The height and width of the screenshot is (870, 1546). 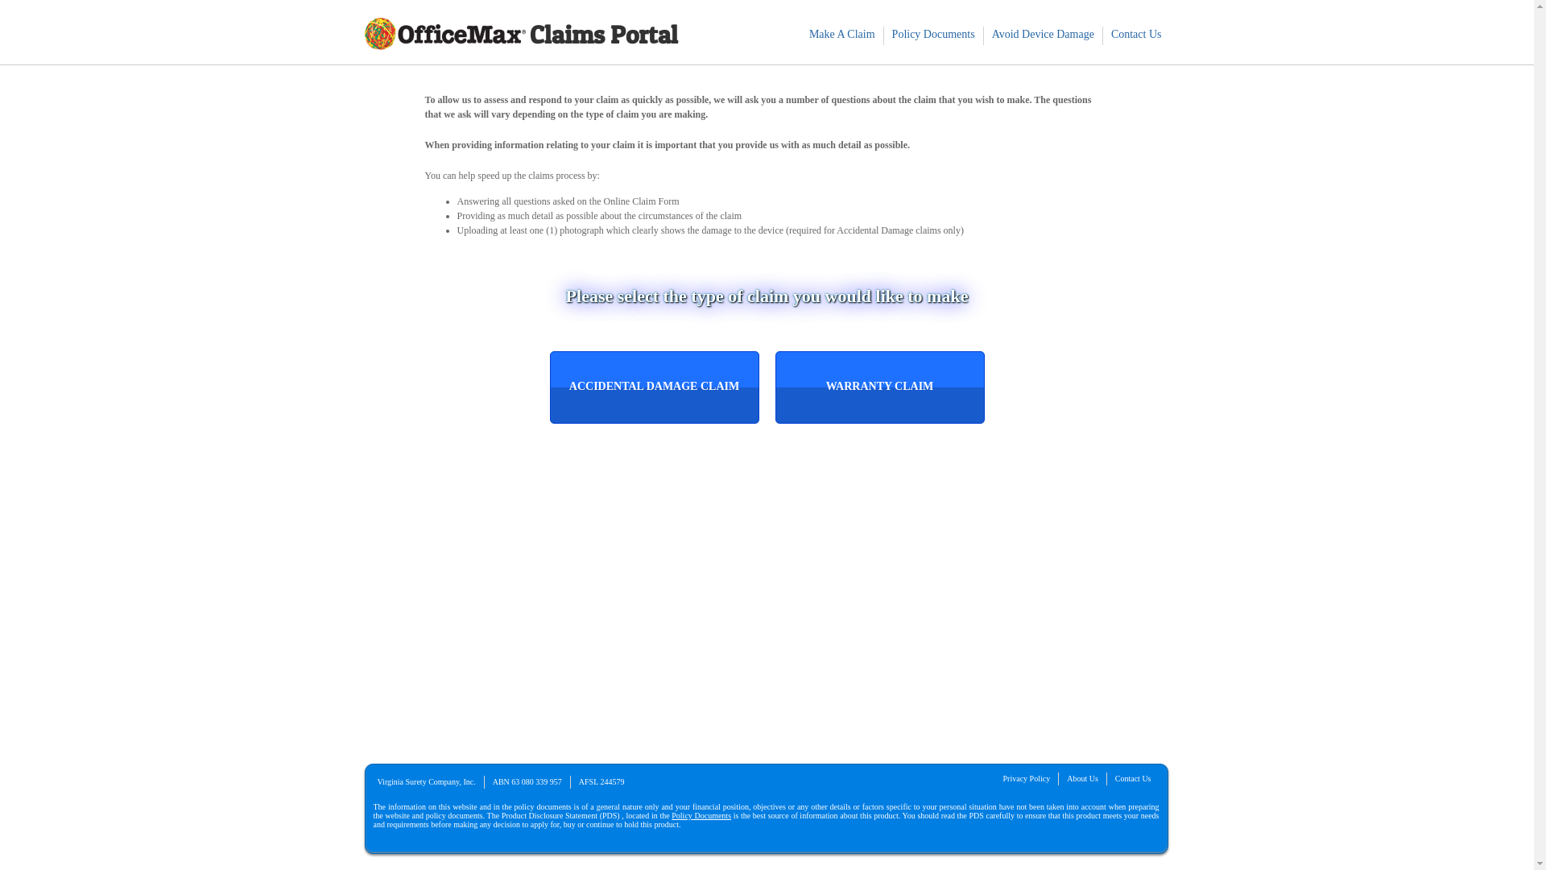 I want to click on 'Accidental Damage Claim', so click(x=653, y=387).